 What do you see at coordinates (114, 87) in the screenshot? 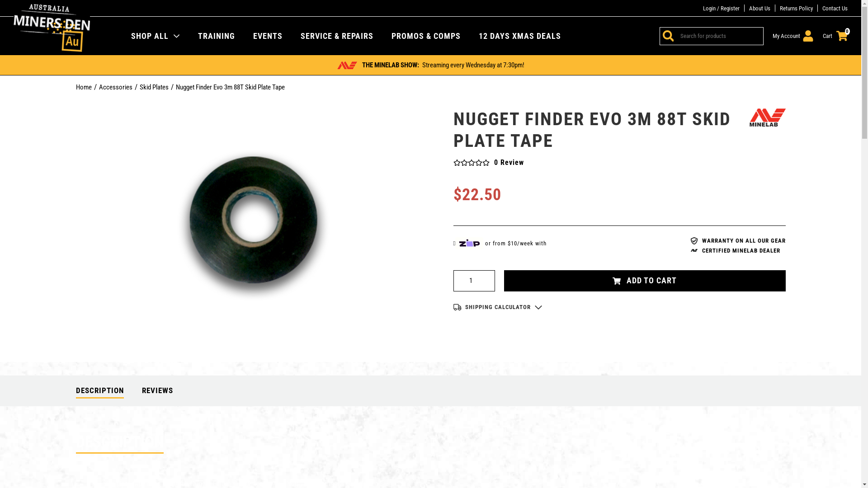
I see `'Accessories'` at bounding box center [114, 87].